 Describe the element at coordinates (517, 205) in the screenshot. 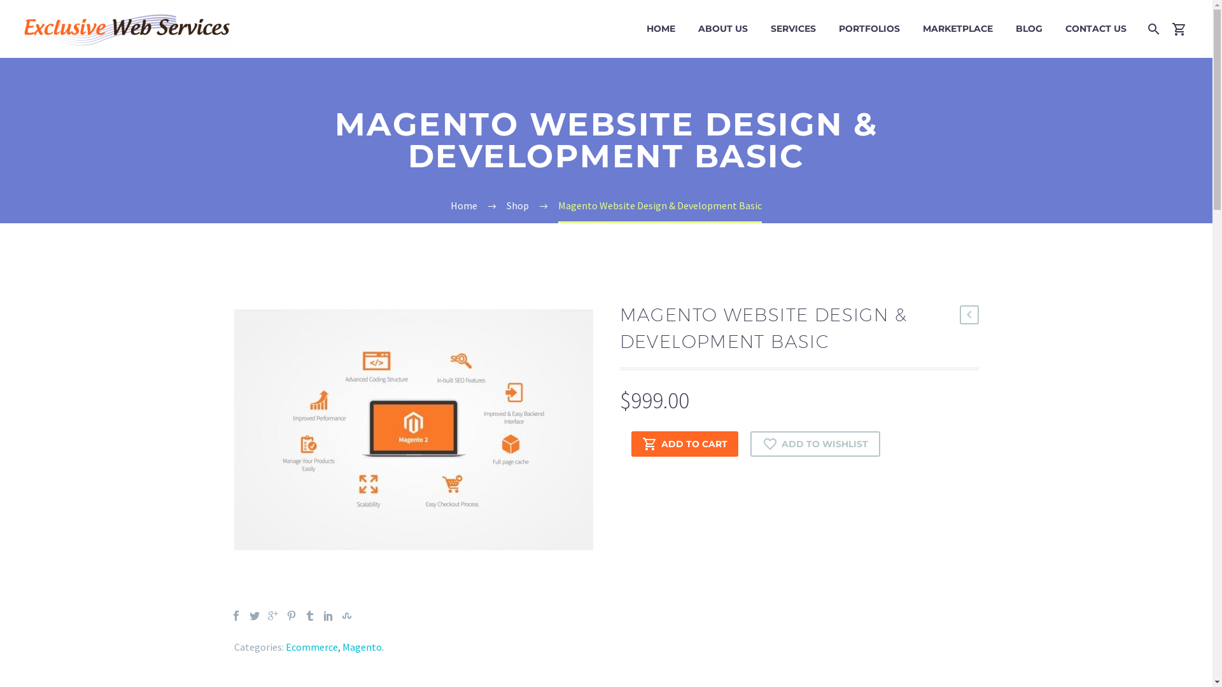

I see `'Shop'` at that location.